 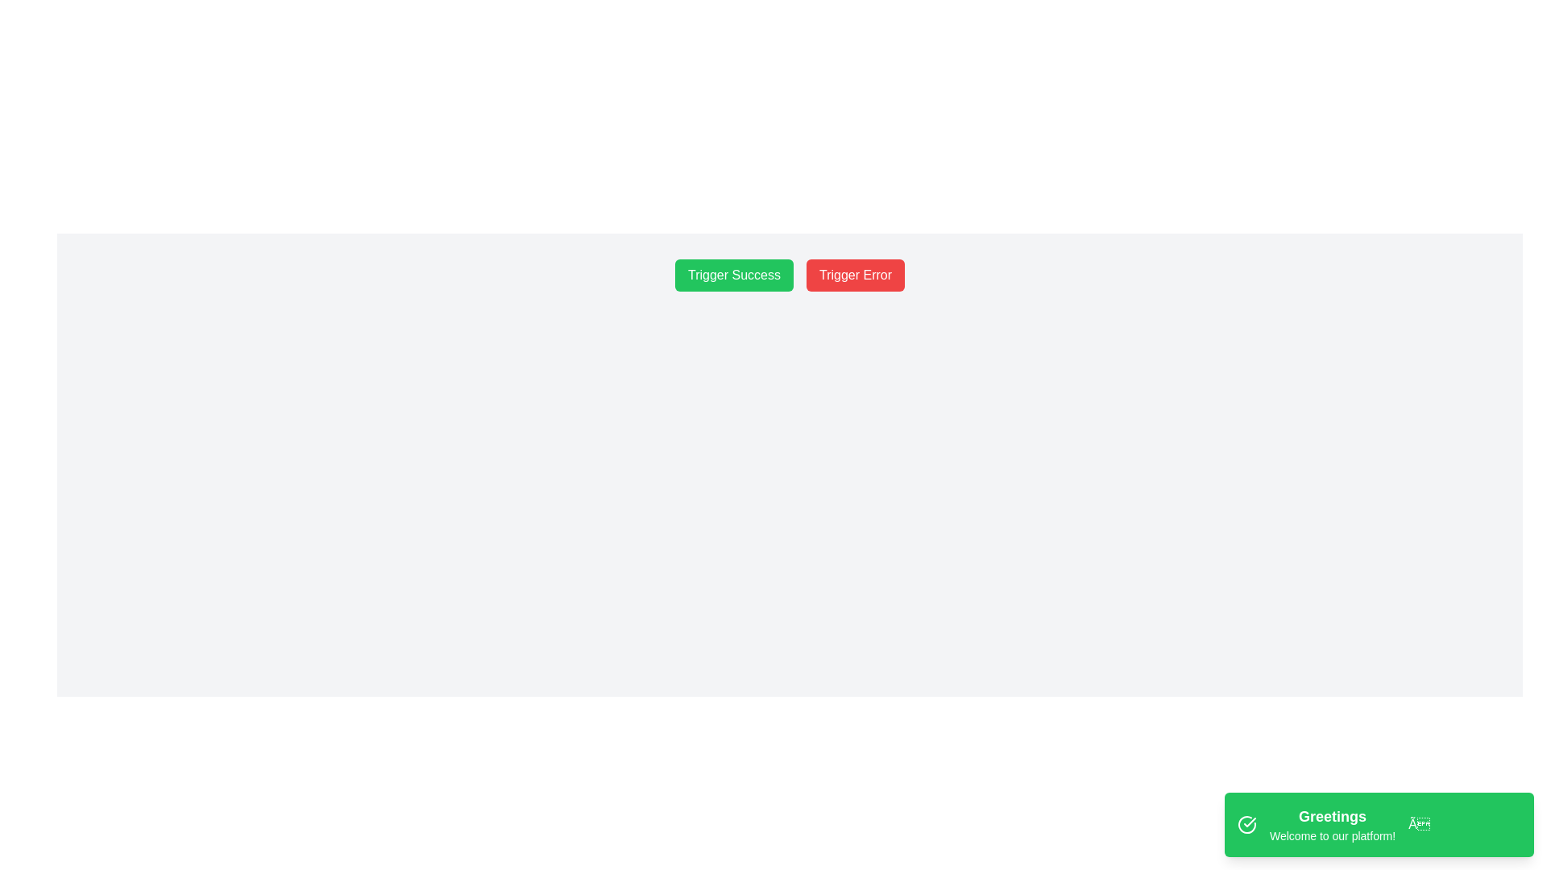 What do you see at coordinates (1379, 824) in the screenshot?
I see `the Notification pop-up located in the bottom-right corner of the interface, within a green notification strip, which provides immediate feedback or information to welcome users` at bounding box center [1379, 824].